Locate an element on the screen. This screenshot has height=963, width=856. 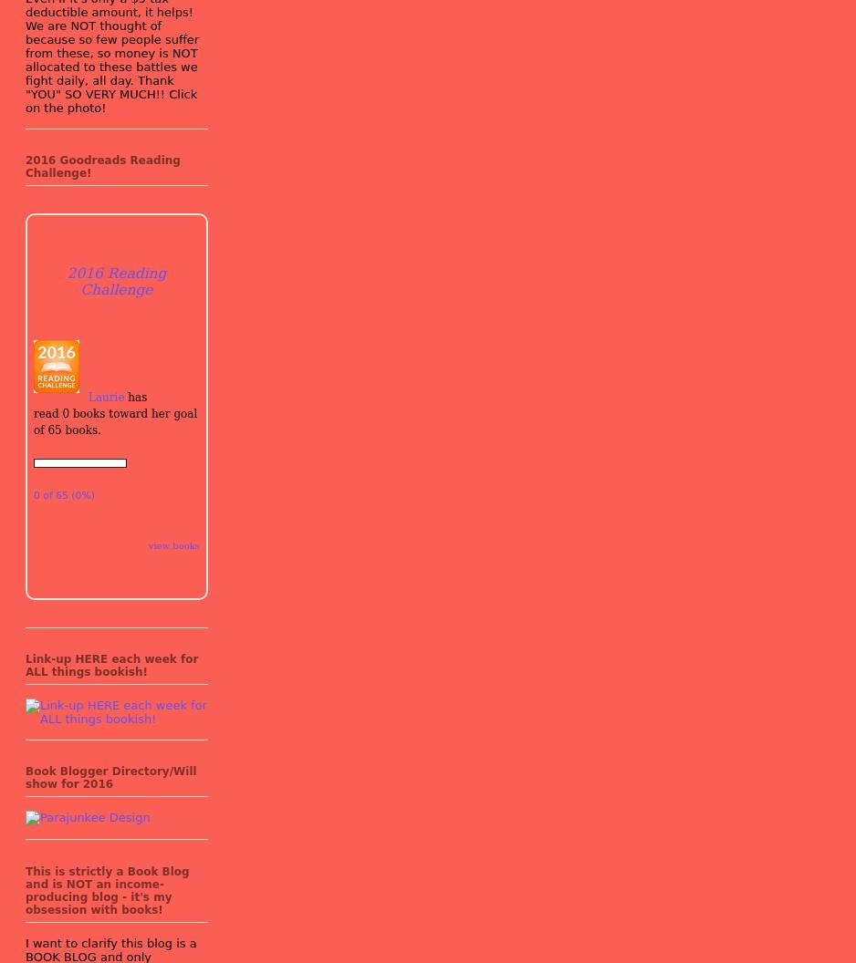
'Book Blogger Directory/Will show for 2016' is located at coordinates (110, 778).